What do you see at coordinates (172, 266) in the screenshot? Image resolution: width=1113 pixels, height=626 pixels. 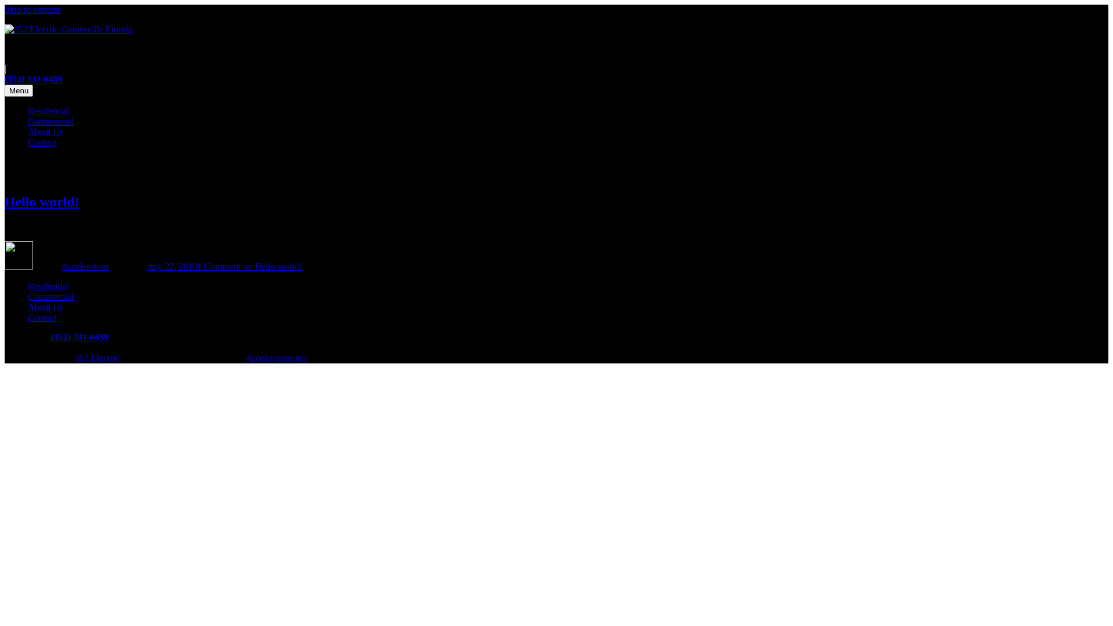 I see `'July 22, 2019'` at bounding box center [172, 266].